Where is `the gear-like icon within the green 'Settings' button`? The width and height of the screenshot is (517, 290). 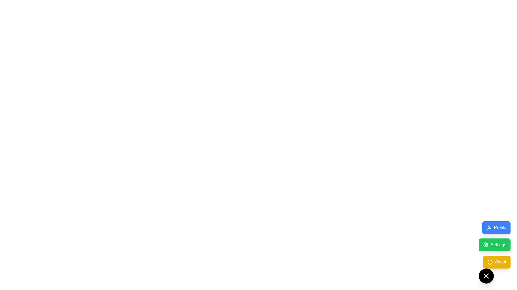 the gear-like icon within the green 'Settings' button is located at coordinates (486, 245).